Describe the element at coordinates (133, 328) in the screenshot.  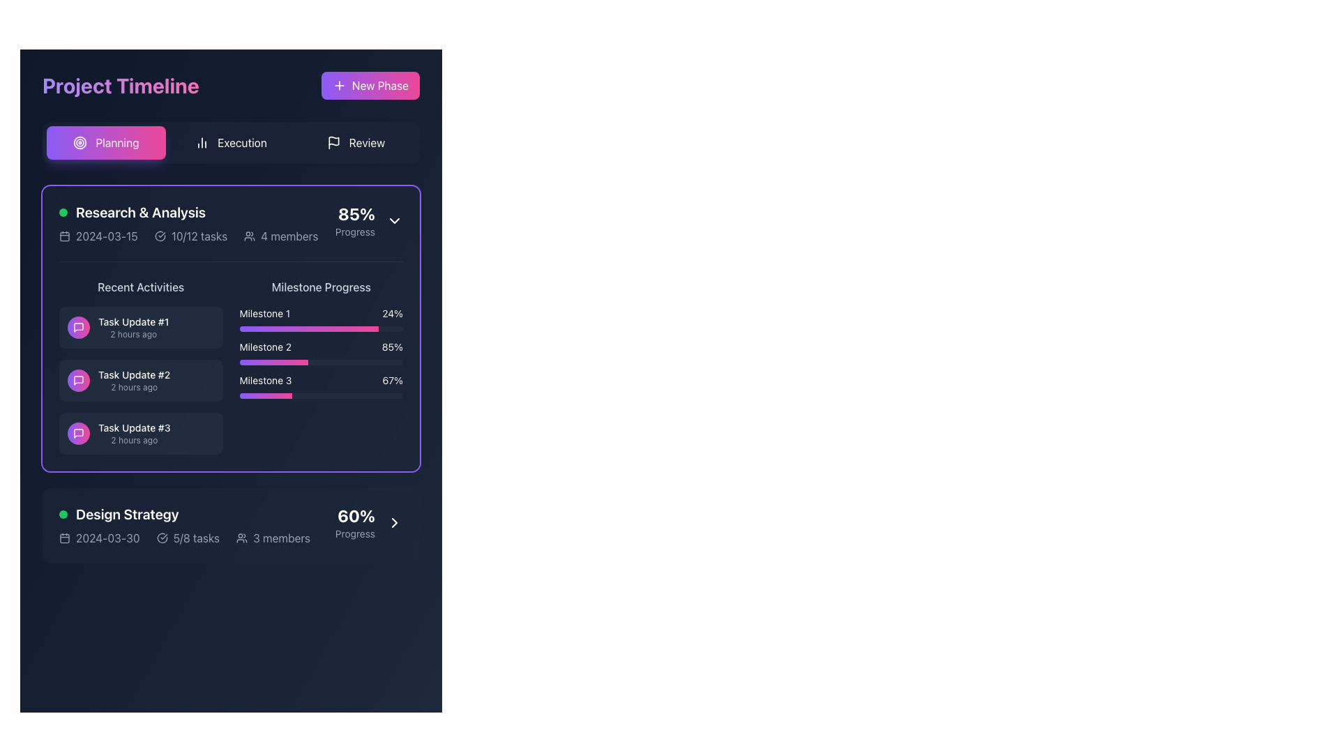
I see `the text block that displays the task title and timestamp in the 'Research & Analysis' section of the 'Recent Activities' column` at that location.